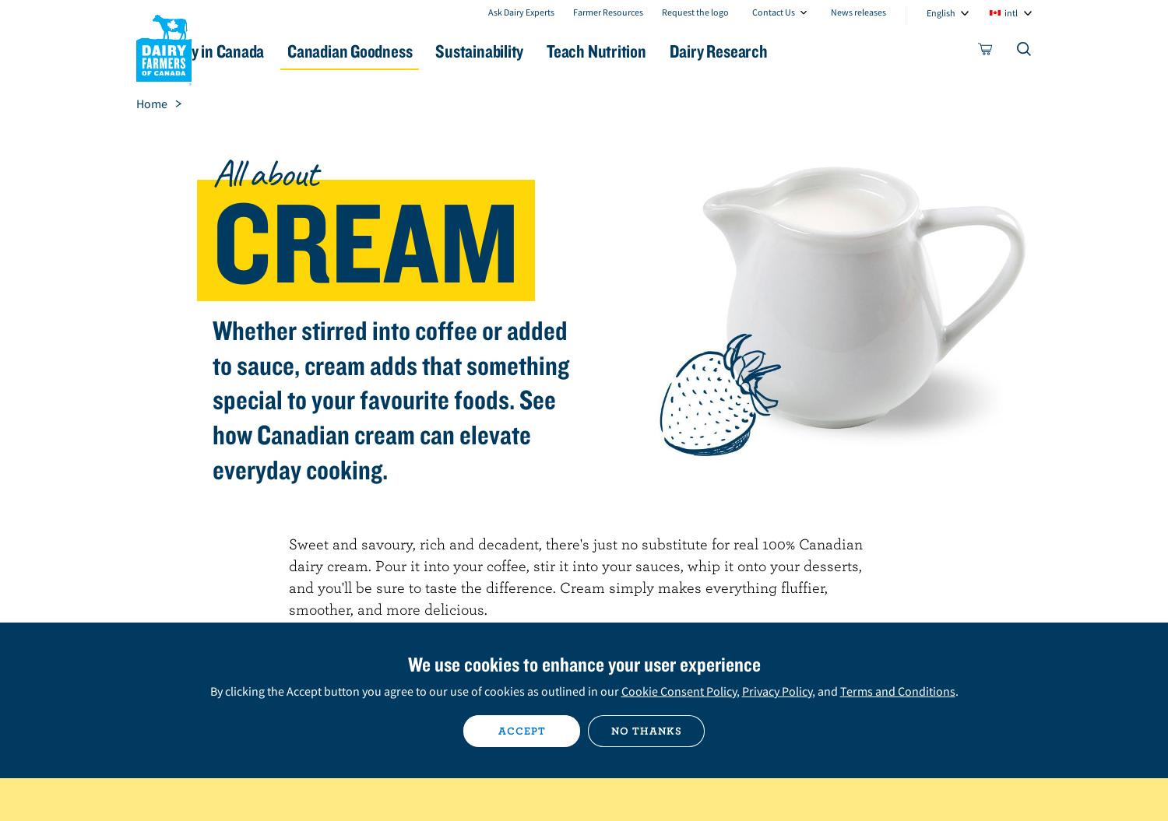  What do you see at coordinates (390, 399) in the screenshot?
I see `'Whether stirred into coffee or added to sauce, cream adds that something special to your favourite foods. See how Canadian cream can elevate everyday cooking.'` at bounding box center [390, 399].